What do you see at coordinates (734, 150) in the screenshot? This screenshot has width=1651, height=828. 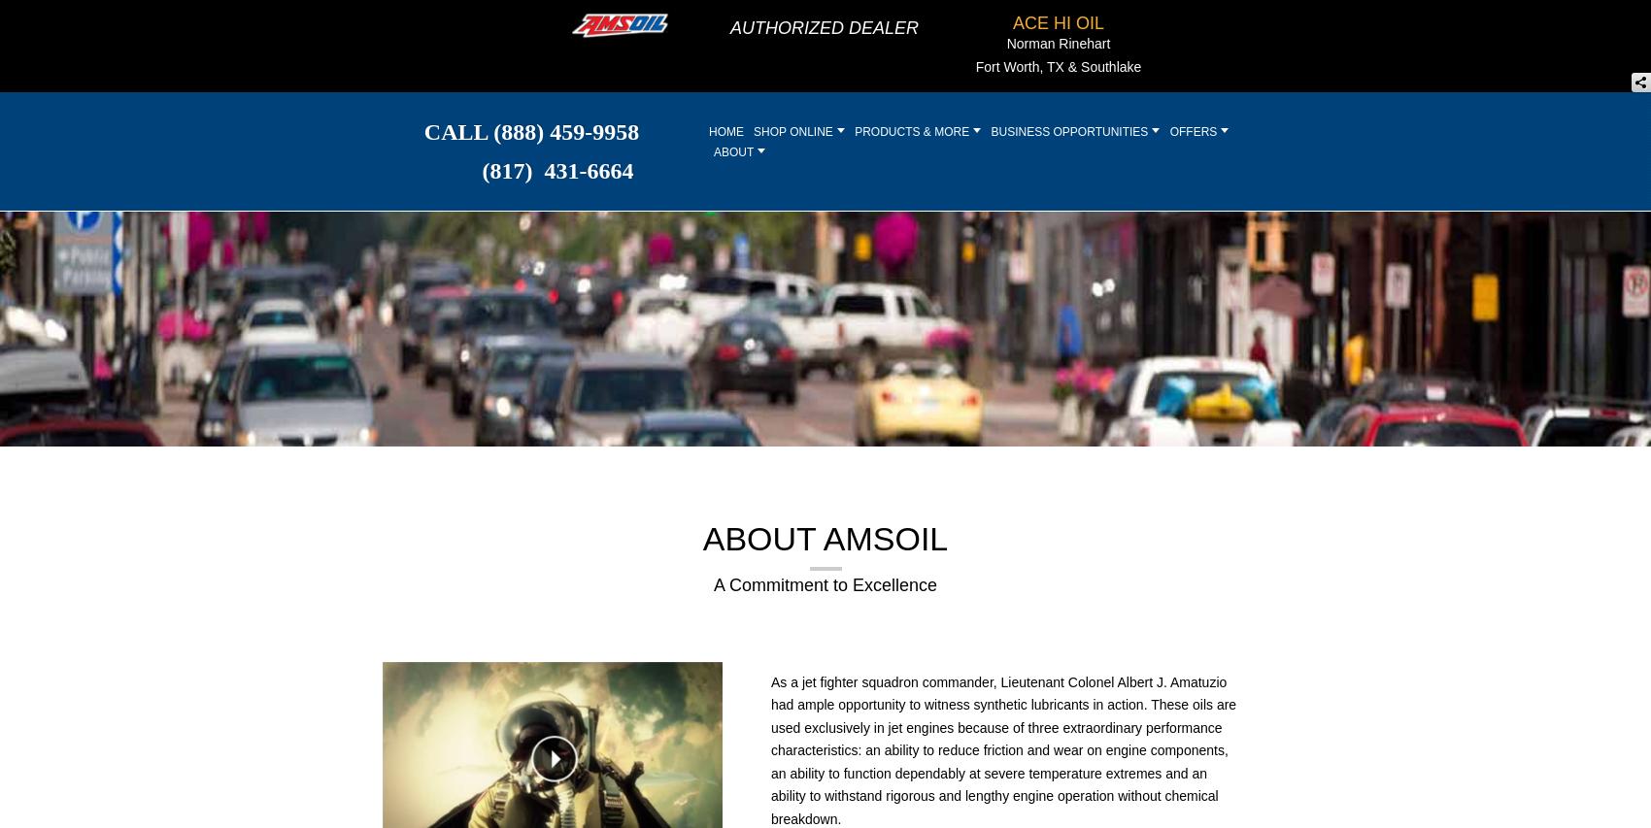 I see `'ABOUT'` at bounding box center [734, 150].